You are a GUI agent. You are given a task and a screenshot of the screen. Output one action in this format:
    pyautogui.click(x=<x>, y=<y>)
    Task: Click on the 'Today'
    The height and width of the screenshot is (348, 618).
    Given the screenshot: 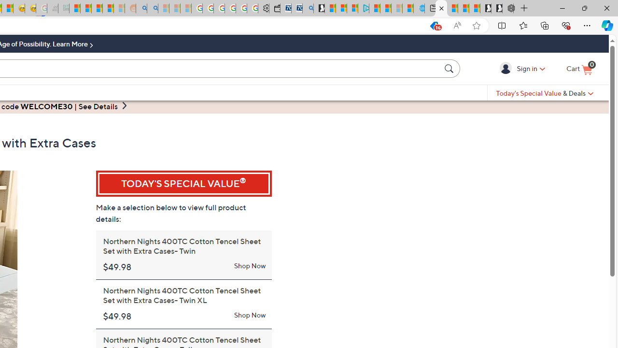 What is the action you would take?
    pyautogui.click(x=545, y=93)
    